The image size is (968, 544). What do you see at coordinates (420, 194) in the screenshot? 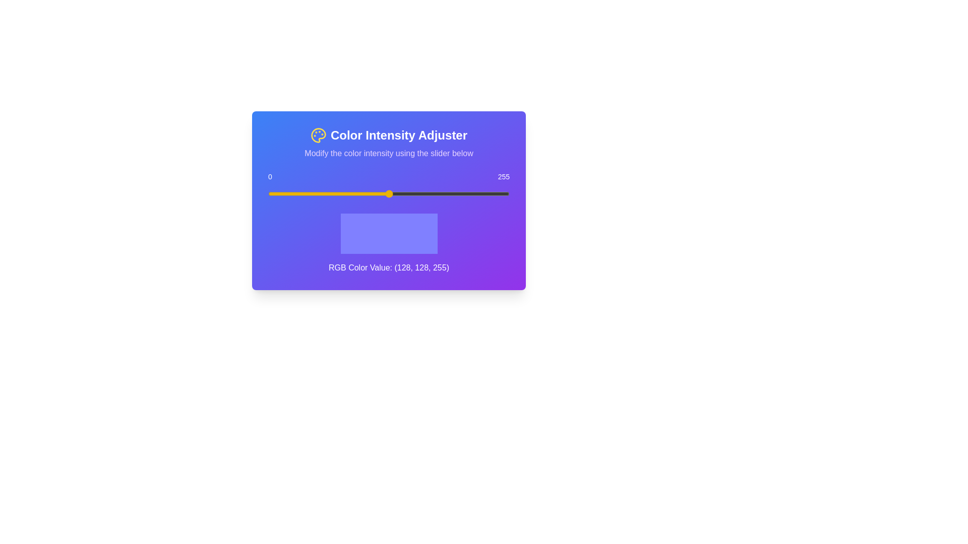
I see `the slider to set the value to 161` at bounding box center [420, 194].